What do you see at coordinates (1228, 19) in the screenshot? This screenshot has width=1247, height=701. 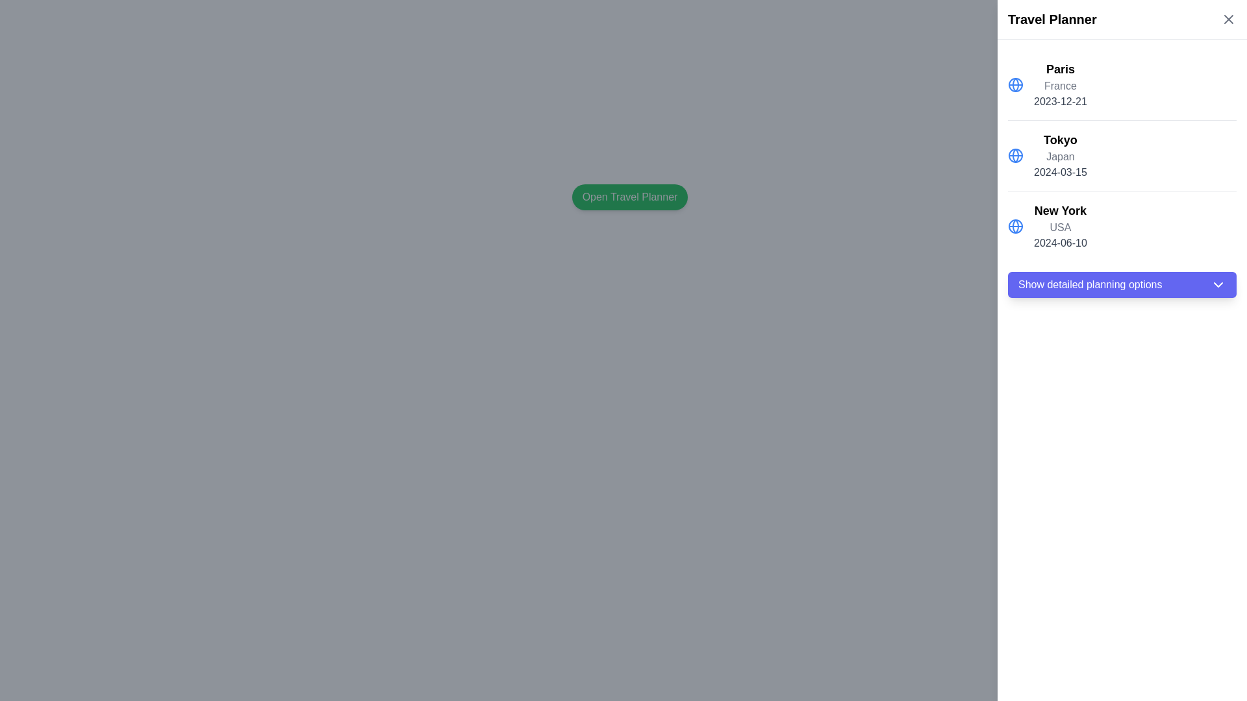 I see `the close button located at the top-right corner of the 'Travel Planner' panel` at bounding box center [1228, 19].